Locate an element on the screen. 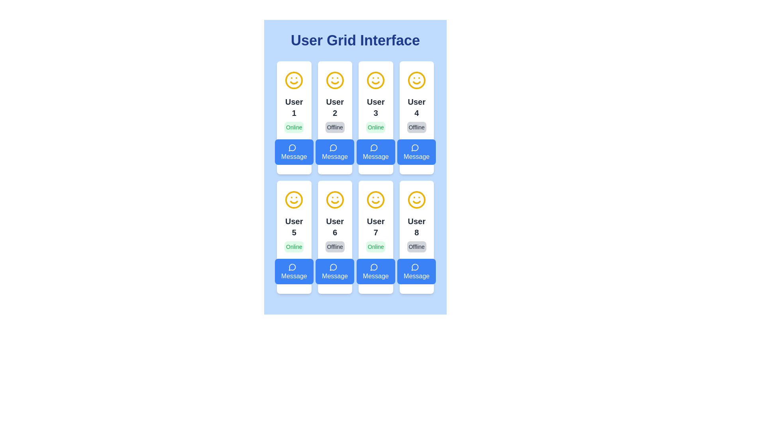  the text label indicating 'User 6', which is situated in the second row and second column of the user card grid, above the 'Offline' badge is located at coordinates (335, 227).